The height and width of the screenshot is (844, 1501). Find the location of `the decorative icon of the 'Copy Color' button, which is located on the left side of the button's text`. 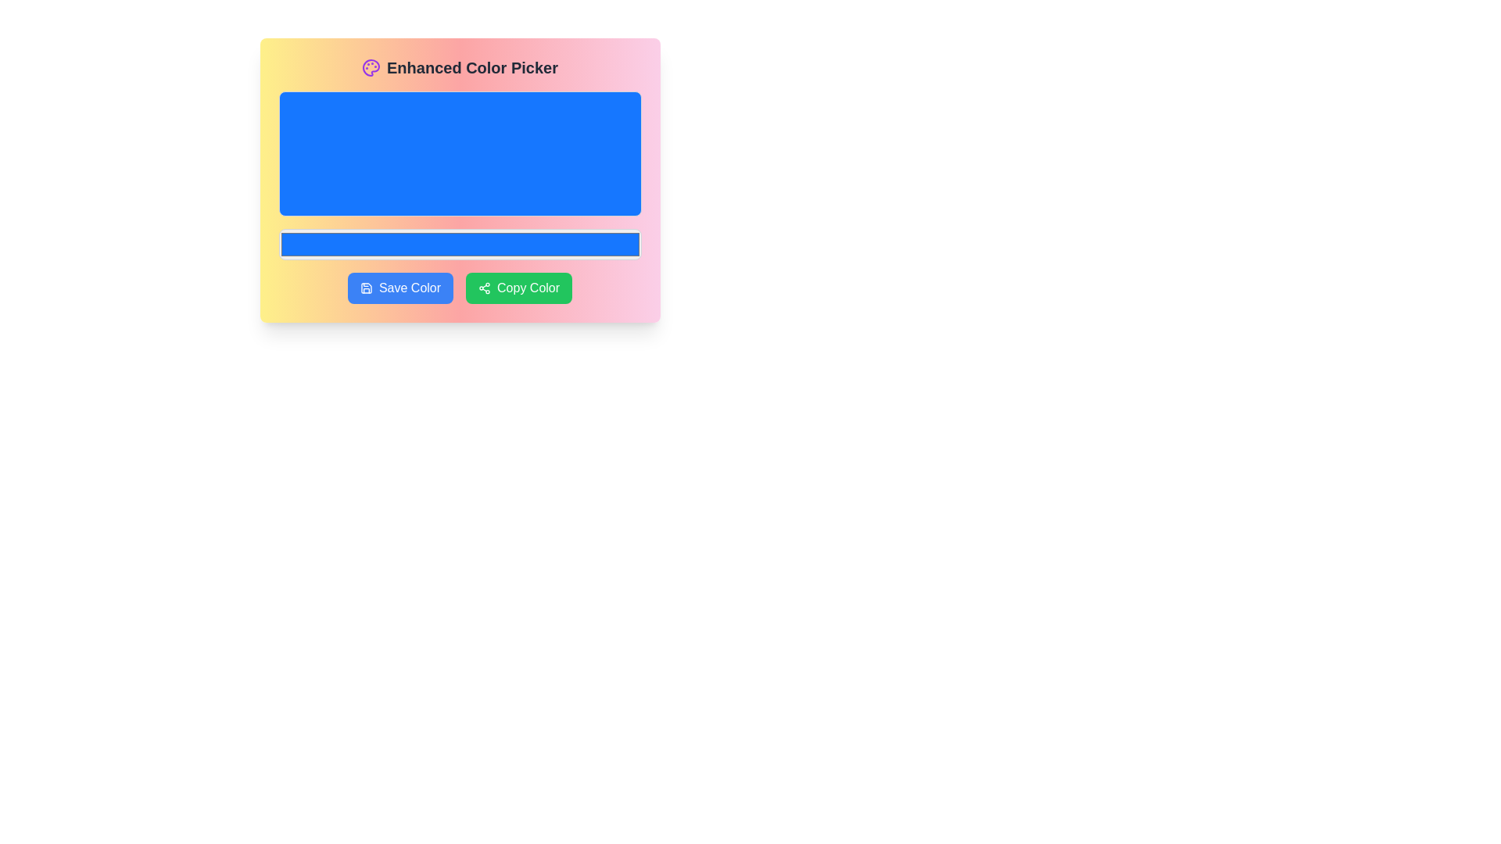

the decorative icon of the 'Copy Color' button, which is located on the left side of the button's text is located at coordinates (483, 288).